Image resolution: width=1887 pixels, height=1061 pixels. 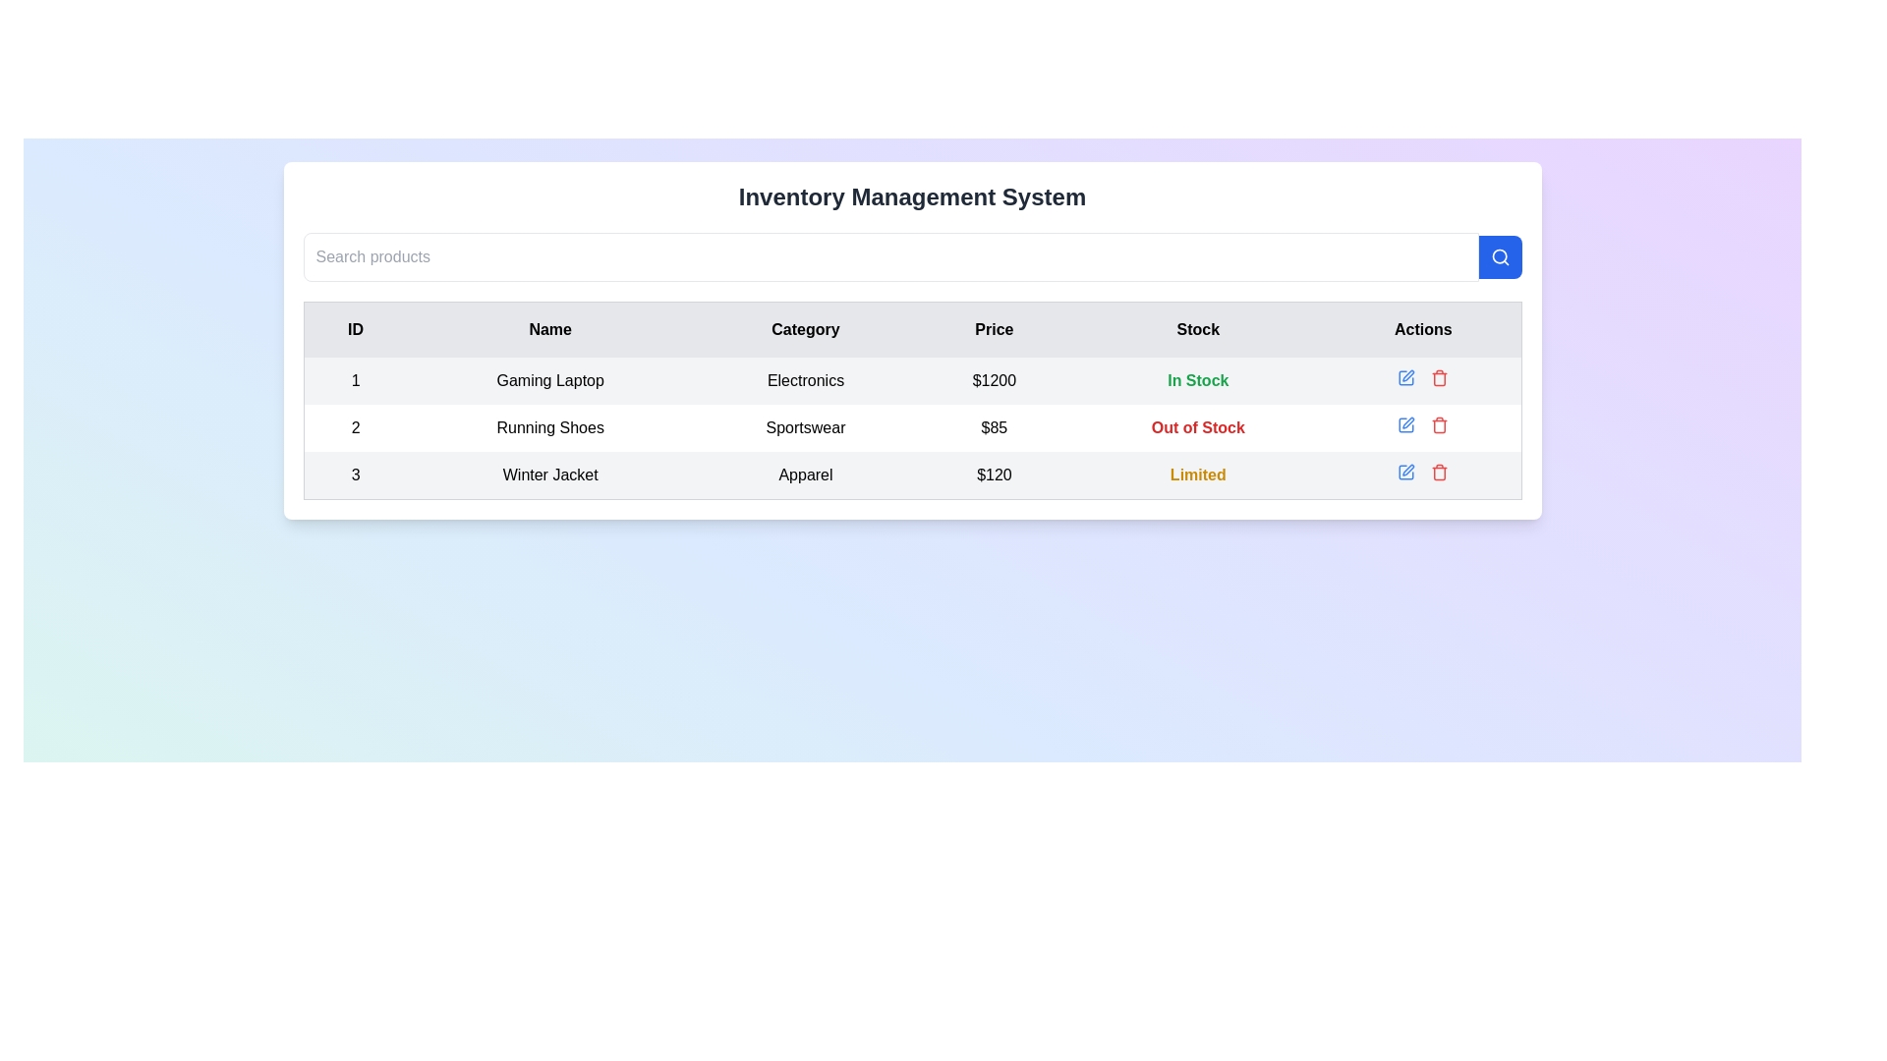 What do you see at coordinates (550, 328) in the screenshot?
I see `the text label indicating names in the second column header of the data table, located between the 'ID' and 'Category' headers` at bounding box center [550, 328].